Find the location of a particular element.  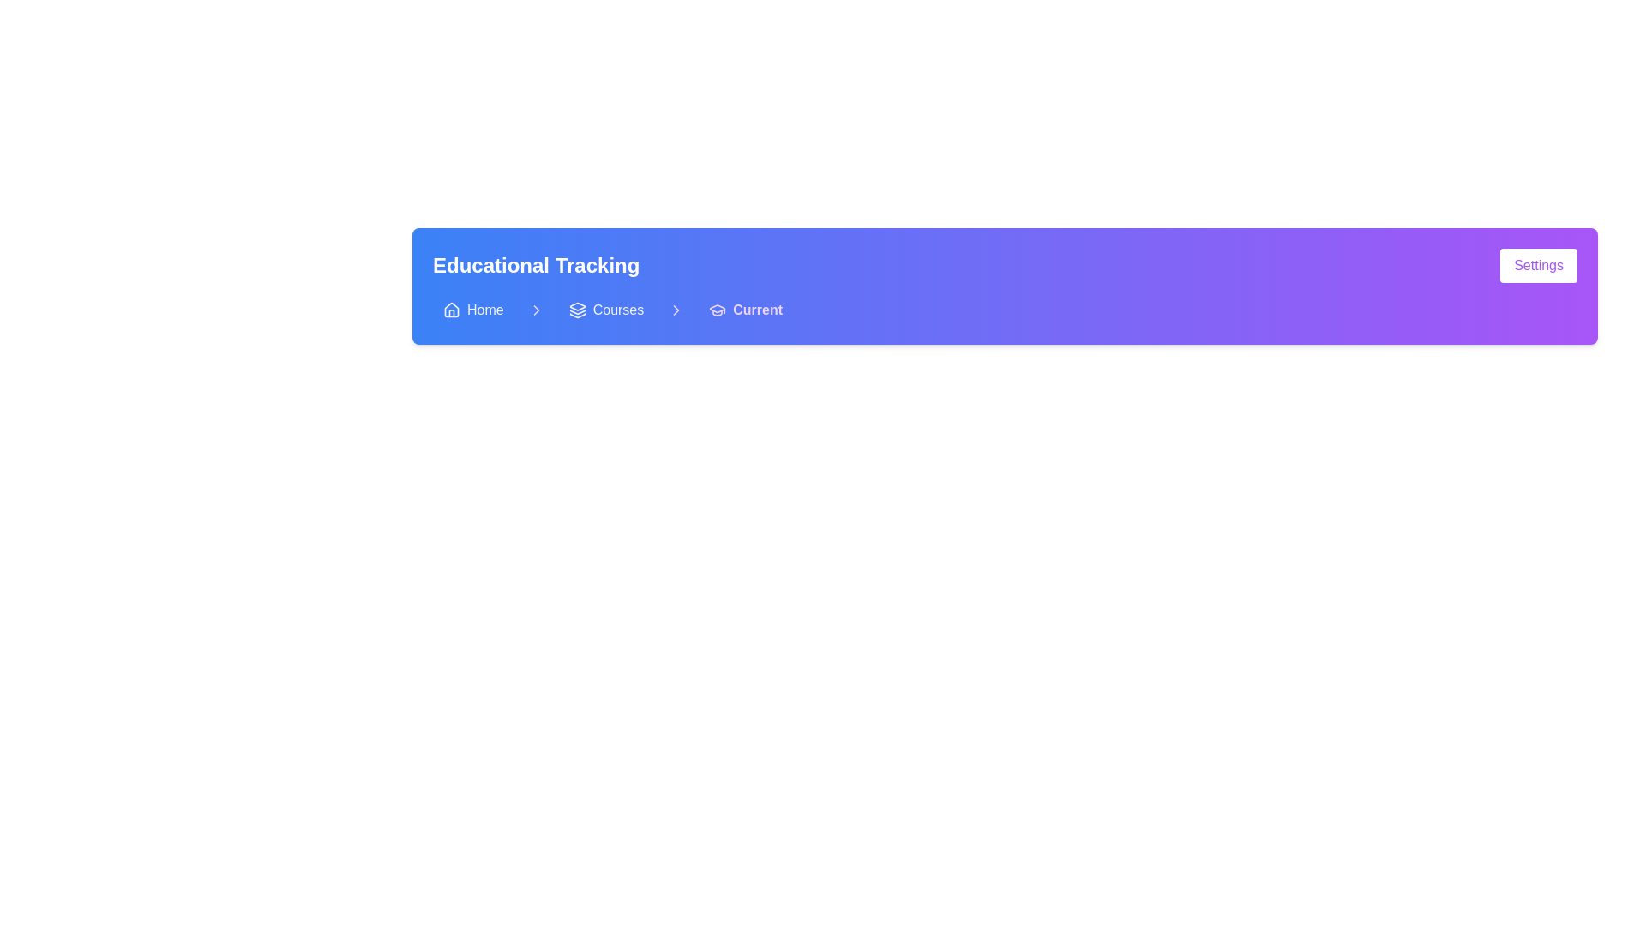

the compact icon depicting stacked layers located to the left of the 'Courses' text in the breadcrumb trail of the navigation bar is located at coordinates (577, 310).